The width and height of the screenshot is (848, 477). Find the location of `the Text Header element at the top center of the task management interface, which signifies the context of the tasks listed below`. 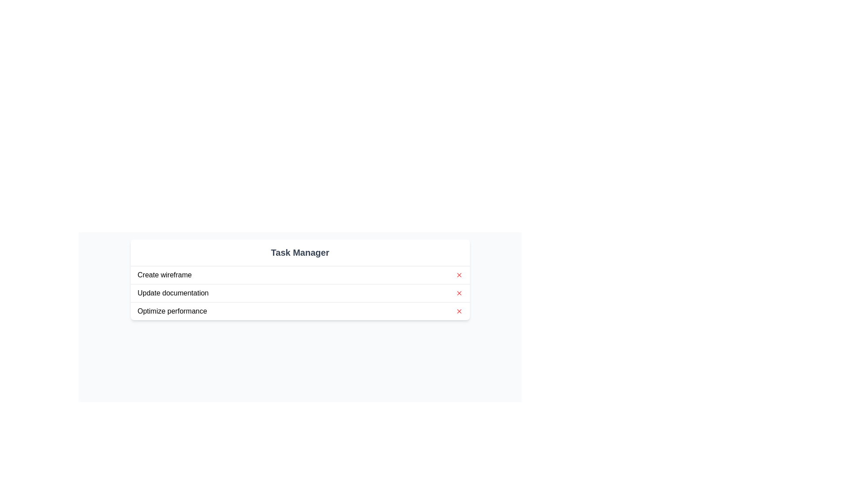

the Text Header element at the top center of the task management interface, which signifies the context of the tasks listed below is located at coordinates (300, 253).